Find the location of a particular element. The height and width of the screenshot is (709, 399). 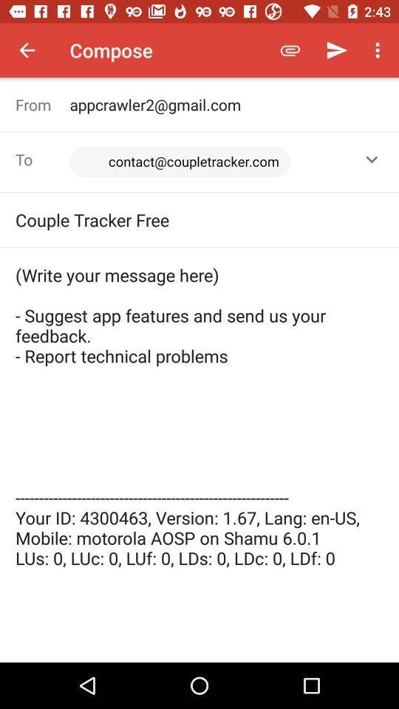

couple tracker free item is located at coordinates (199, 219).